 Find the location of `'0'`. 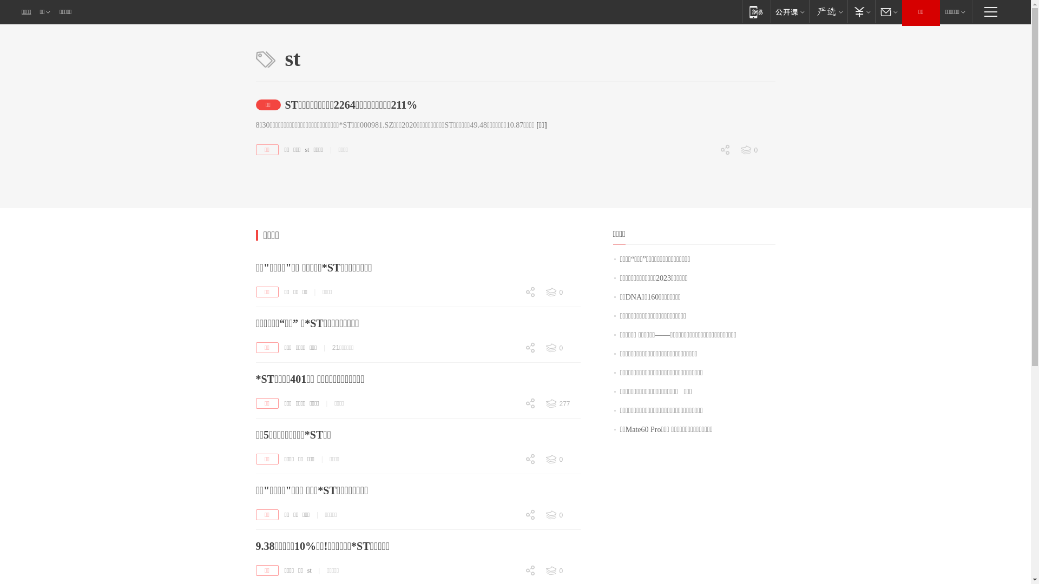

'0' is located at coordinates (508, 349).